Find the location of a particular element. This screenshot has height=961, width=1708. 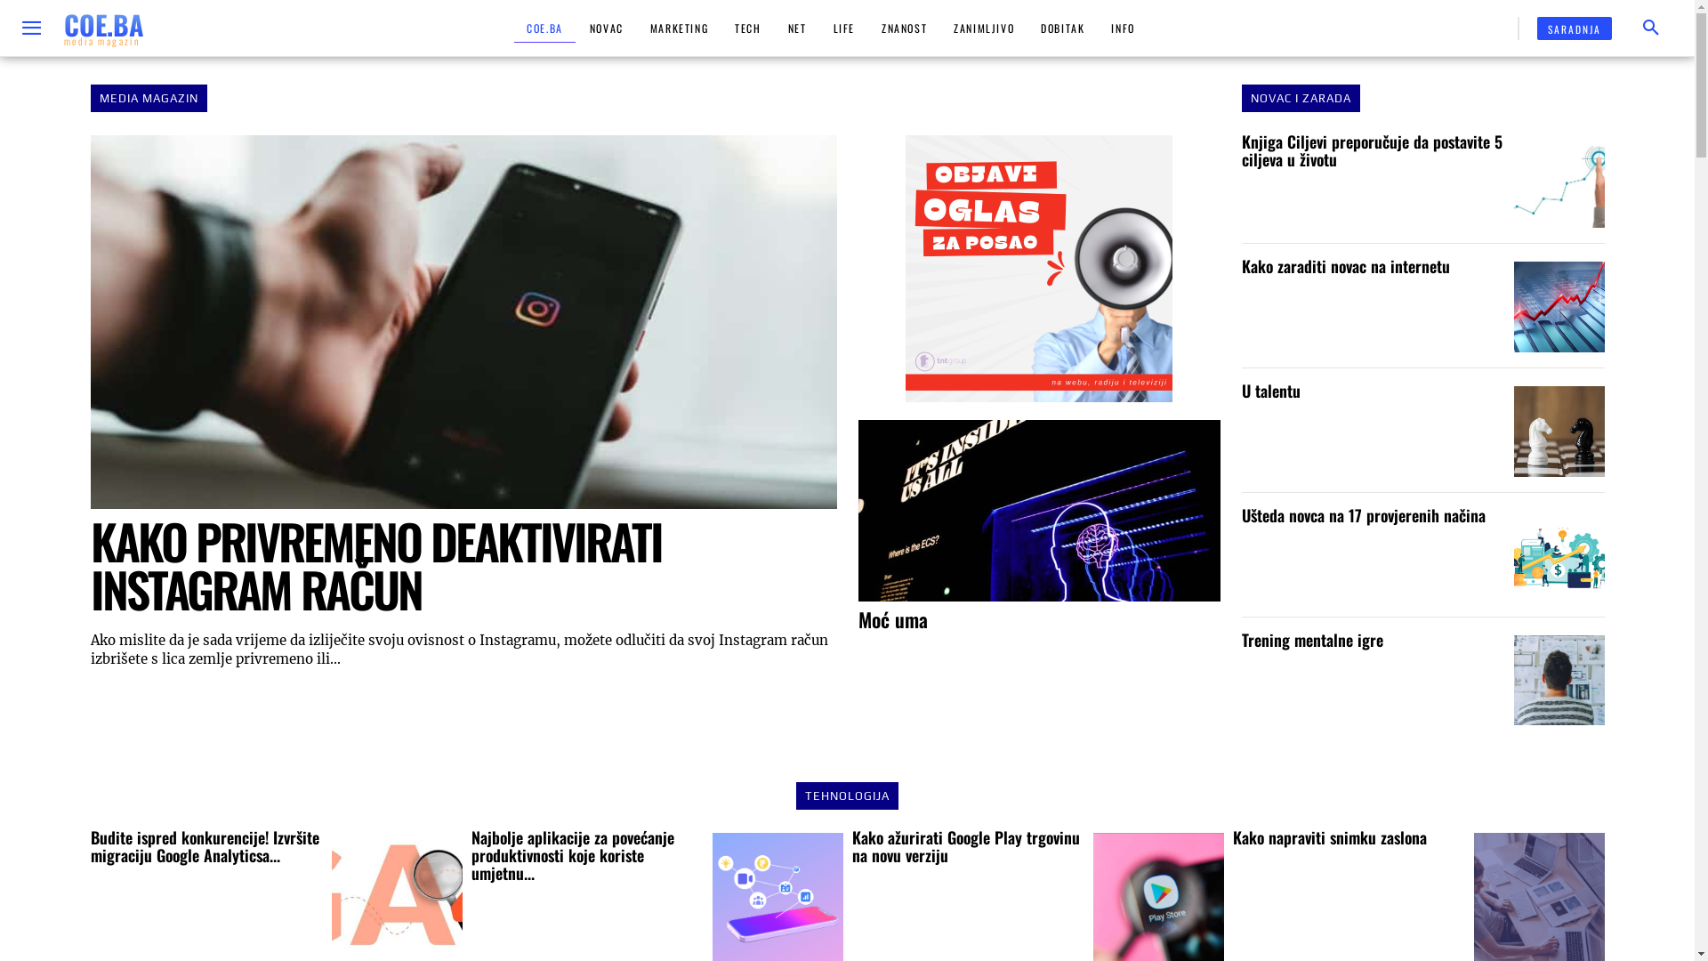

'INFO' is located at coordinates (1122, 28).